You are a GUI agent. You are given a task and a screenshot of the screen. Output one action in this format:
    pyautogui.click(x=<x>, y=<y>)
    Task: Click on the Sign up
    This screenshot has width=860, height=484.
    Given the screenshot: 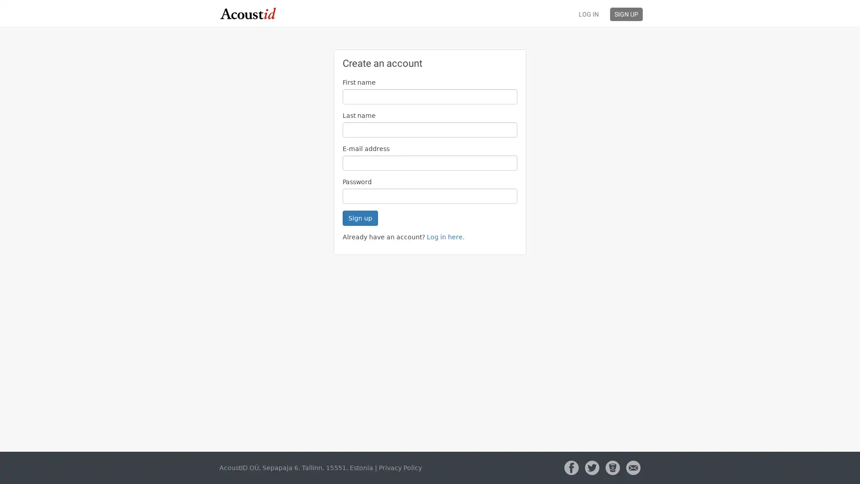 What is the action you would take?
    pyautogui.click(x=360, y=218)
    